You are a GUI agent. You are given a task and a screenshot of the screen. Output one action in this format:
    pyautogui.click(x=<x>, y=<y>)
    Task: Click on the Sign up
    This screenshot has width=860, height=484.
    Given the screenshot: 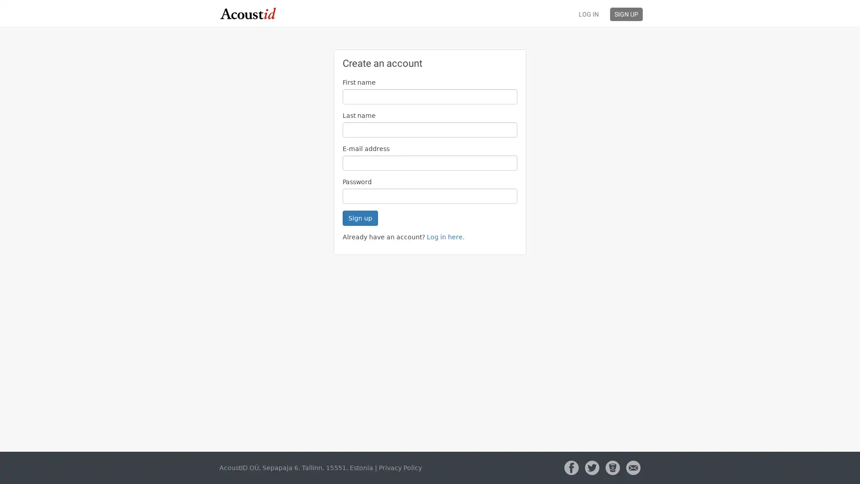 What is the action you would take?
    pyautogui.click(x=360, y=218)
    